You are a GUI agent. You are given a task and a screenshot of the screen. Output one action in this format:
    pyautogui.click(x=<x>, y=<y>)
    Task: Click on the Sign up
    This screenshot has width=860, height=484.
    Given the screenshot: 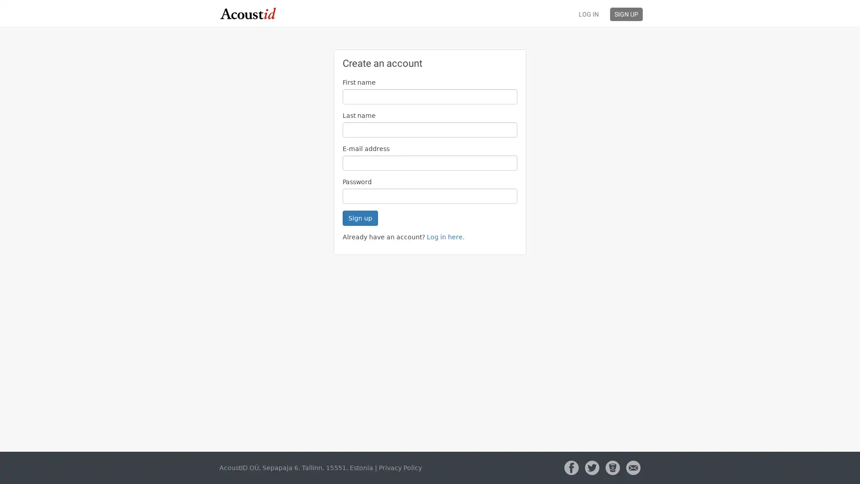 What is the action you would take?
    pyautogui.click(x=360, y=218)
    